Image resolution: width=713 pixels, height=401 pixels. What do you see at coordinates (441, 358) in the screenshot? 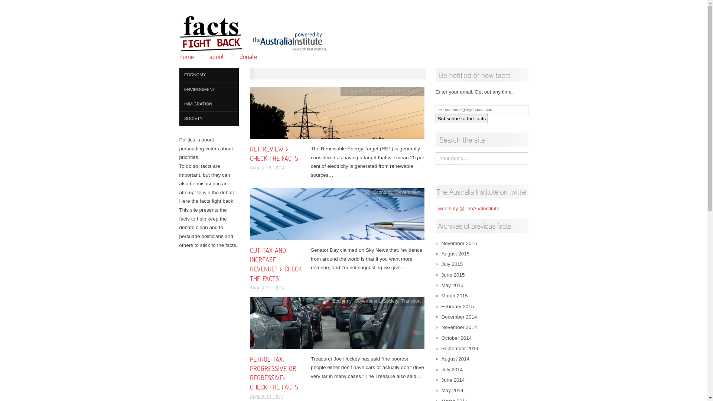
I see `'August 2014'` at bounding box center [441, 358].